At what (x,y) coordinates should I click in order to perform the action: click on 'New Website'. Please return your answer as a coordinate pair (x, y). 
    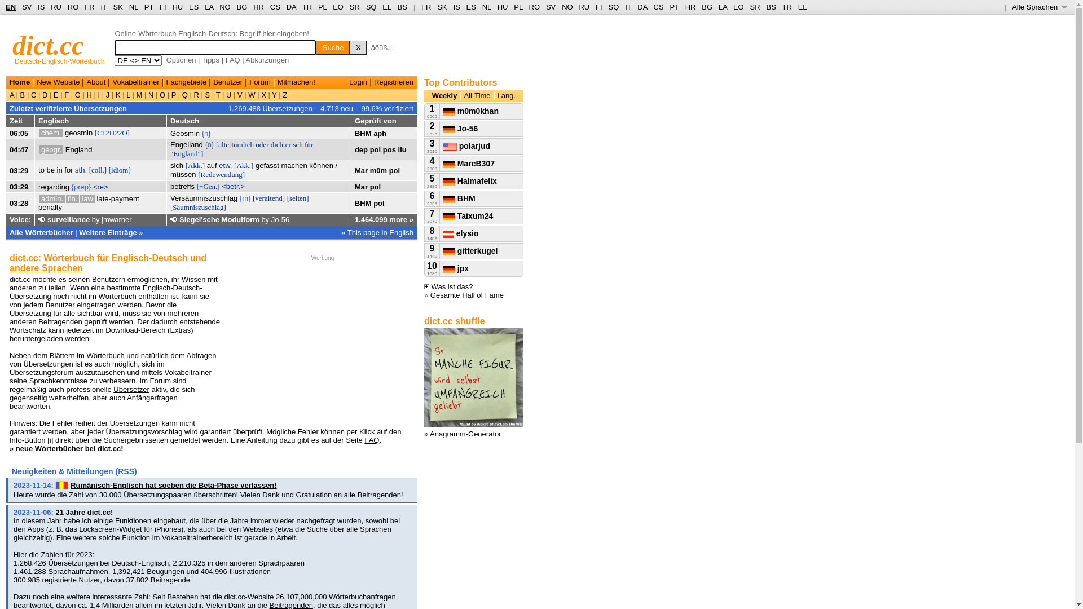
    Looking at the image, I should click on (57, 81).